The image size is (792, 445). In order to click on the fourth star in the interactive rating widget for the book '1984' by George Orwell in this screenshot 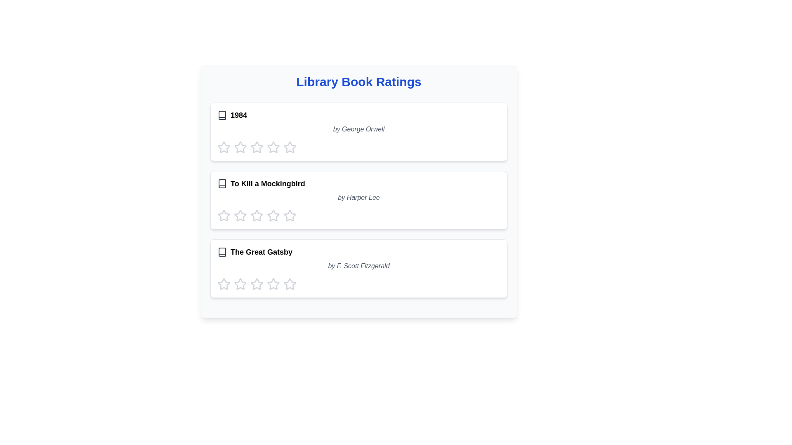, I will do `click(290, 147)`.